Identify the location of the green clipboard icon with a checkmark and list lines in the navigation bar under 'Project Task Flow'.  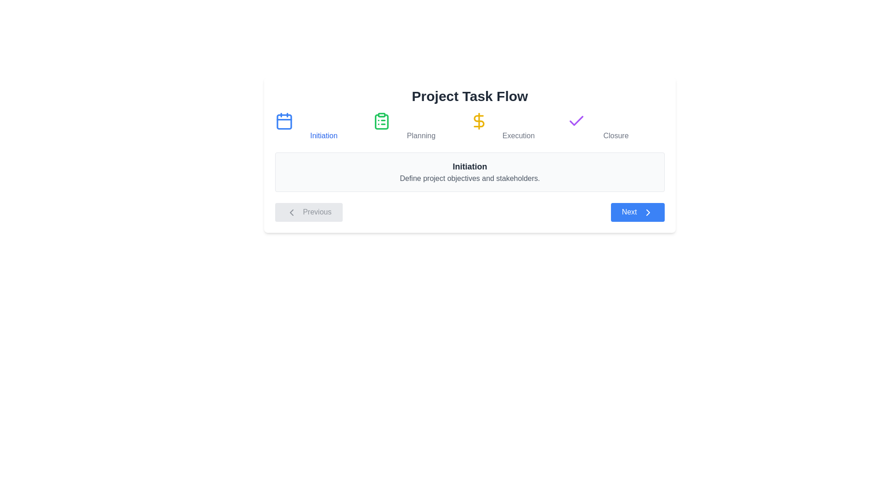
(381, 120).